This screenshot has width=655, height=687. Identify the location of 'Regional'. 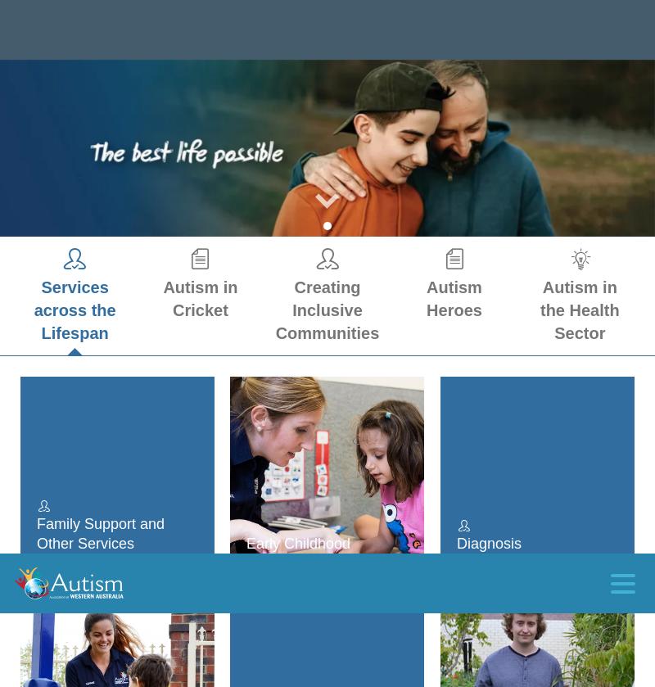
(52, 420).